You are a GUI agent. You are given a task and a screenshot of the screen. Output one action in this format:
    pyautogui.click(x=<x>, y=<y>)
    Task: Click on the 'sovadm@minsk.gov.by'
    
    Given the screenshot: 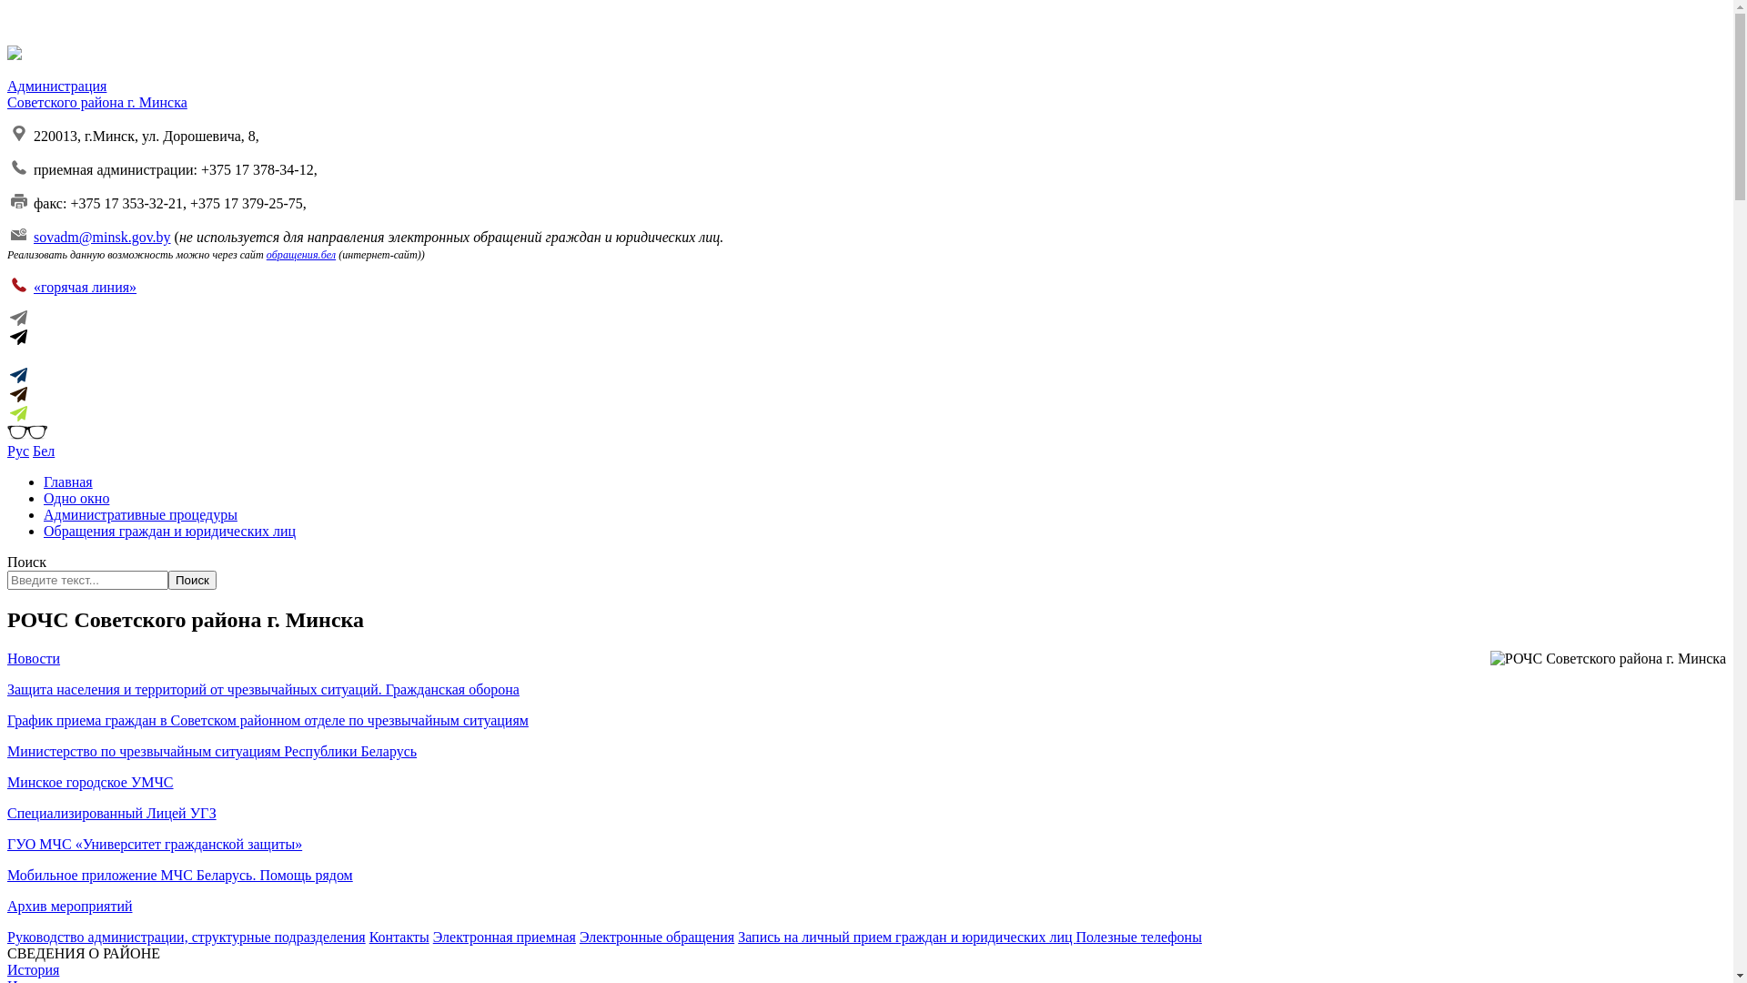 What is the action you would take?
    pyautogui.click(x=101, y=236)
    